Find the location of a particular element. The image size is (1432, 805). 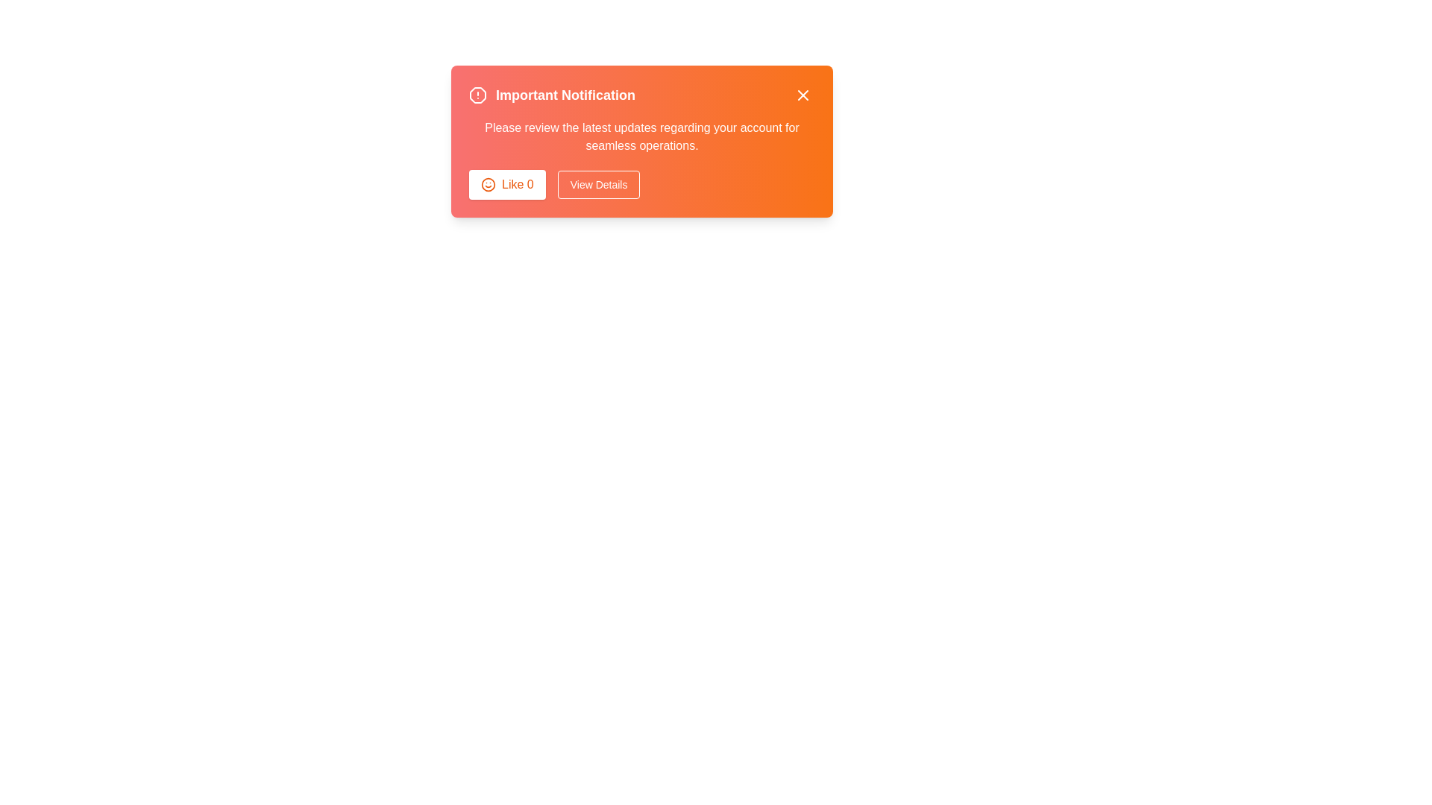

the close button to dismiss the notification is located at coordinates (802, 95).